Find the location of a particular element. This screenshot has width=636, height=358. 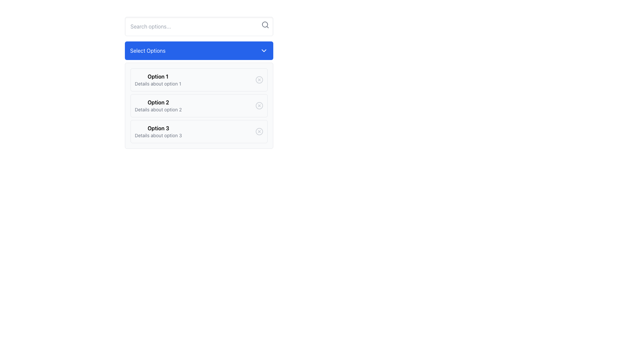

the static text label providing additional details for 'Option 3', located below the title text 'Option 3' is located at coordinates (158, 135).